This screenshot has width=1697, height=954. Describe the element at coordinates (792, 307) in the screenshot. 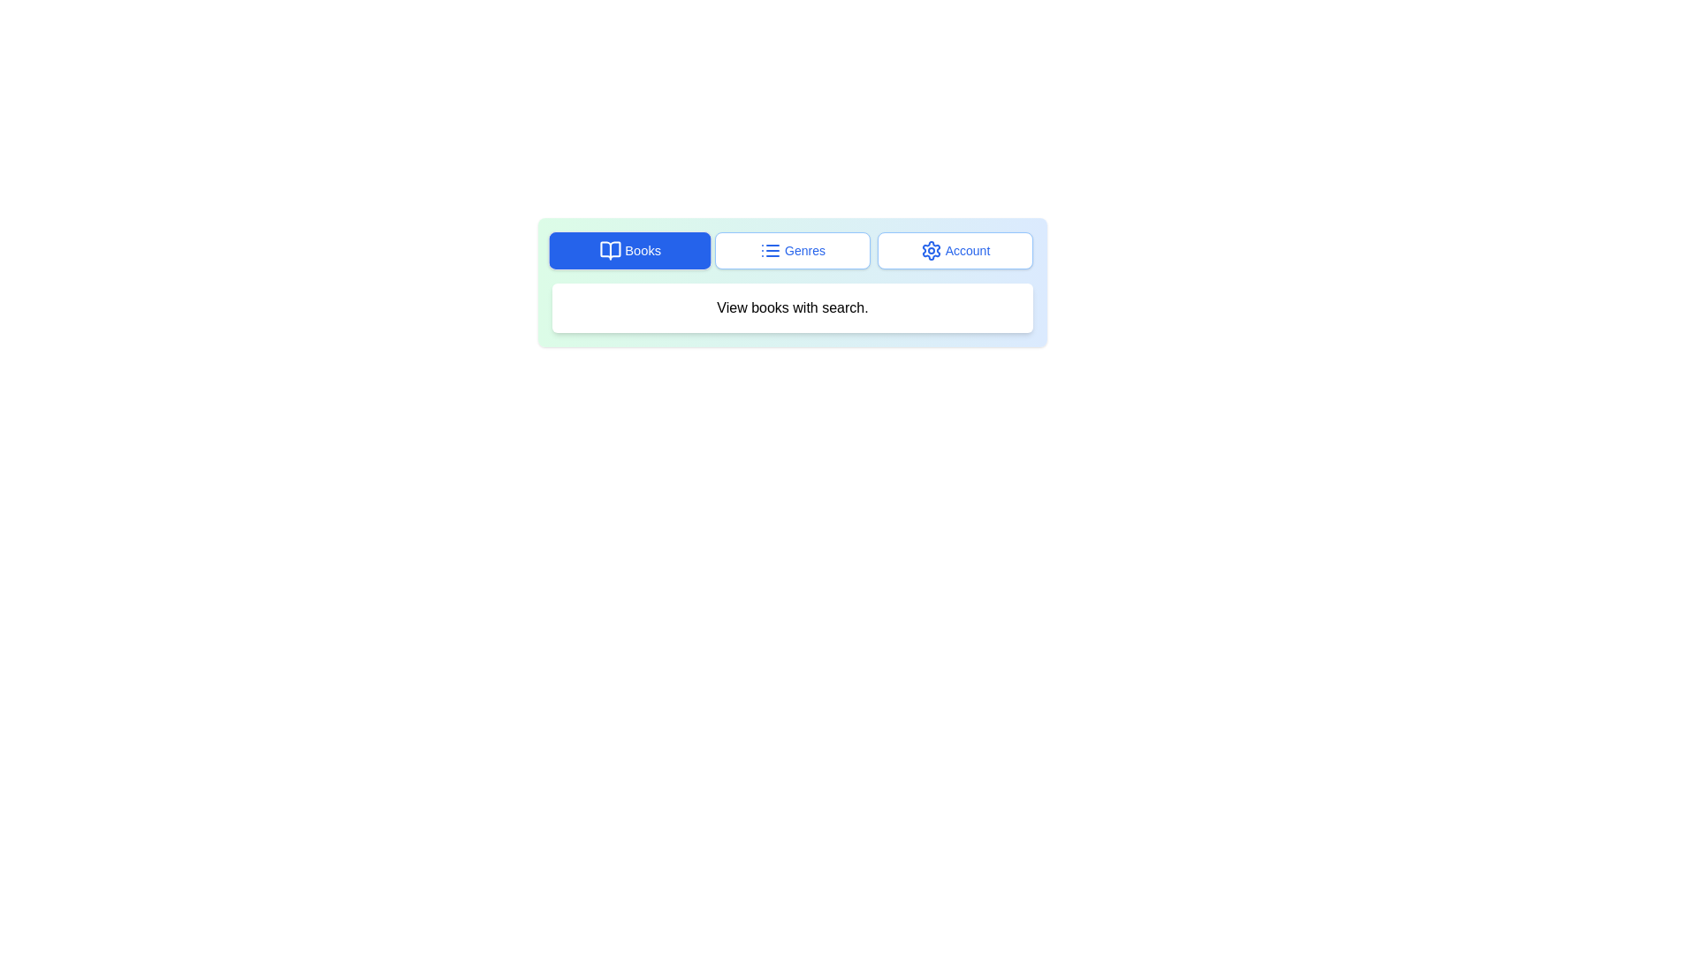

I see `the Static Text Box that displays the message 'View books with search.' located below the buttons labeled 'Books,' 'Genres,' and 'Account.'` at that location.